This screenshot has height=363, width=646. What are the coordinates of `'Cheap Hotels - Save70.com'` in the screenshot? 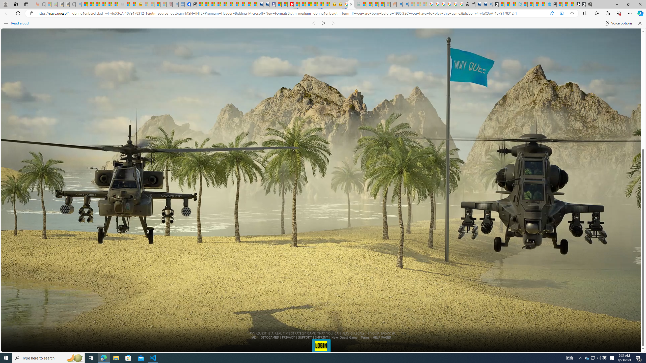 It's located at (266, 4).